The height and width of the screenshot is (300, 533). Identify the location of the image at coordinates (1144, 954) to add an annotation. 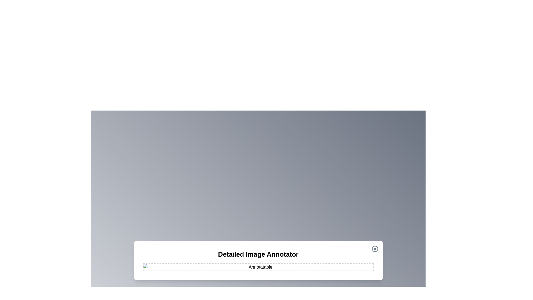
(317, 264).